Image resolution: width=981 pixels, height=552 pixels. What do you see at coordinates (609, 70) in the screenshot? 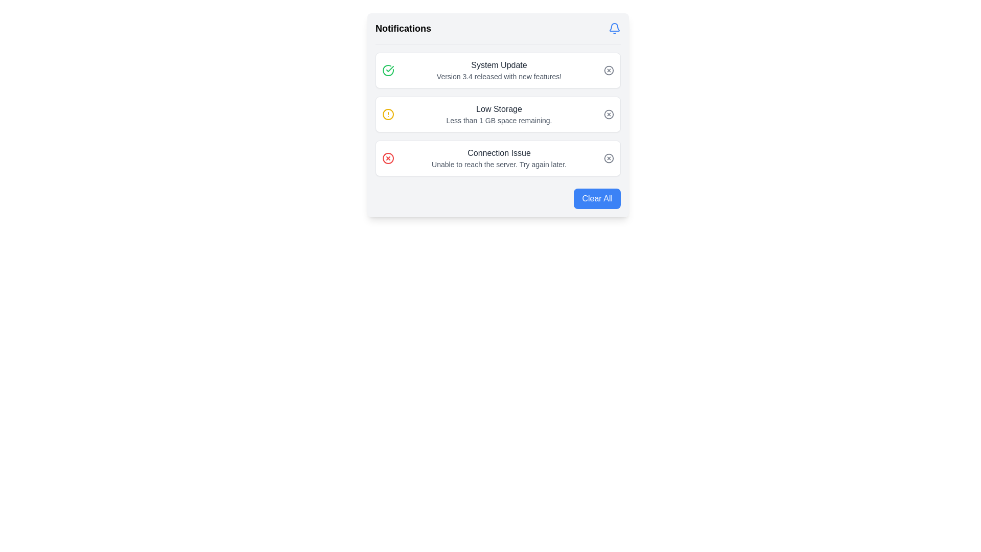
I see `the circular vector graphic element within the 'System Update' notification icon, located in the far-right section of the first notification row` at bounding box center [609, 70].